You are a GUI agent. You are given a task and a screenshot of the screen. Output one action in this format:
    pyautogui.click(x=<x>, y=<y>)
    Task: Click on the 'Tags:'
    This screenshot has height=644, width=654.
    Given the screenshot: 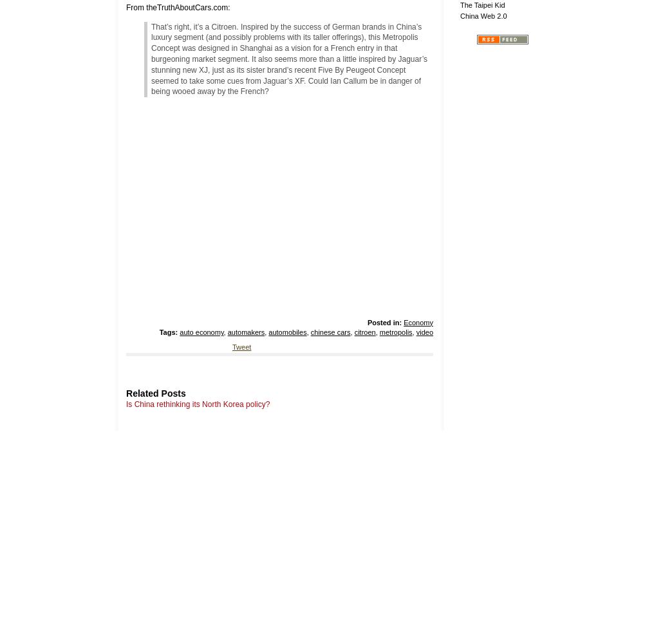 What is the action you would take?
    pyautogui.click(x=167, y=332)
    